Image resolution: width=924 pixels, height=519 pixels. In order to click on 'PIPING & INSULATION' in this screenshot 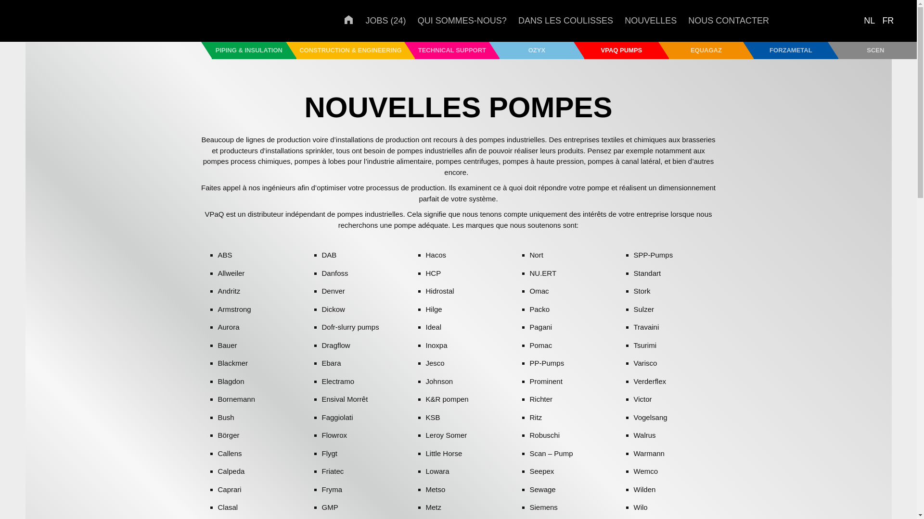, I will do `click(211, 50)`.